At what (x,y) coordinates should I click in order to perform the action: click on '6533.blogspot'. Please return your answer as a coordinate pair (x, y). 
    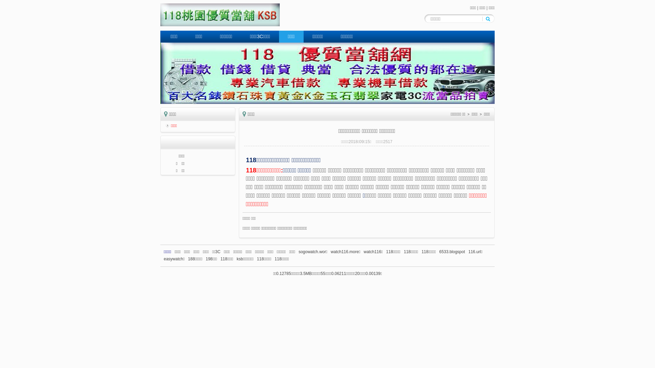
    Looking at the image, I should click on (452, 252).